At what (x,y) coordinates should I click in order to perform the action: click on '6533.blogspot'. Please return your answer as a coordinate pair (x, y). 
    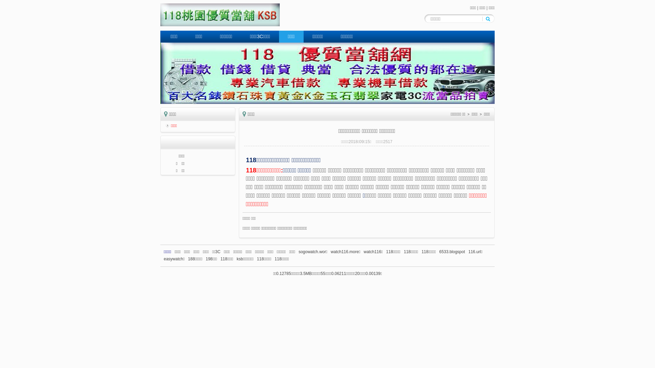
    Looking at the image, I should click on (452, 252).